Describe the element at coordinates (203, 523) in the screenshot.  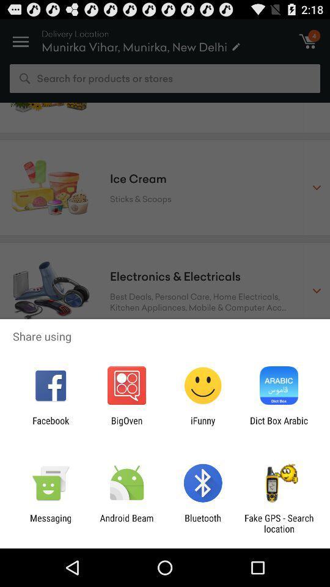
I see `the bluetooth item` at that location.